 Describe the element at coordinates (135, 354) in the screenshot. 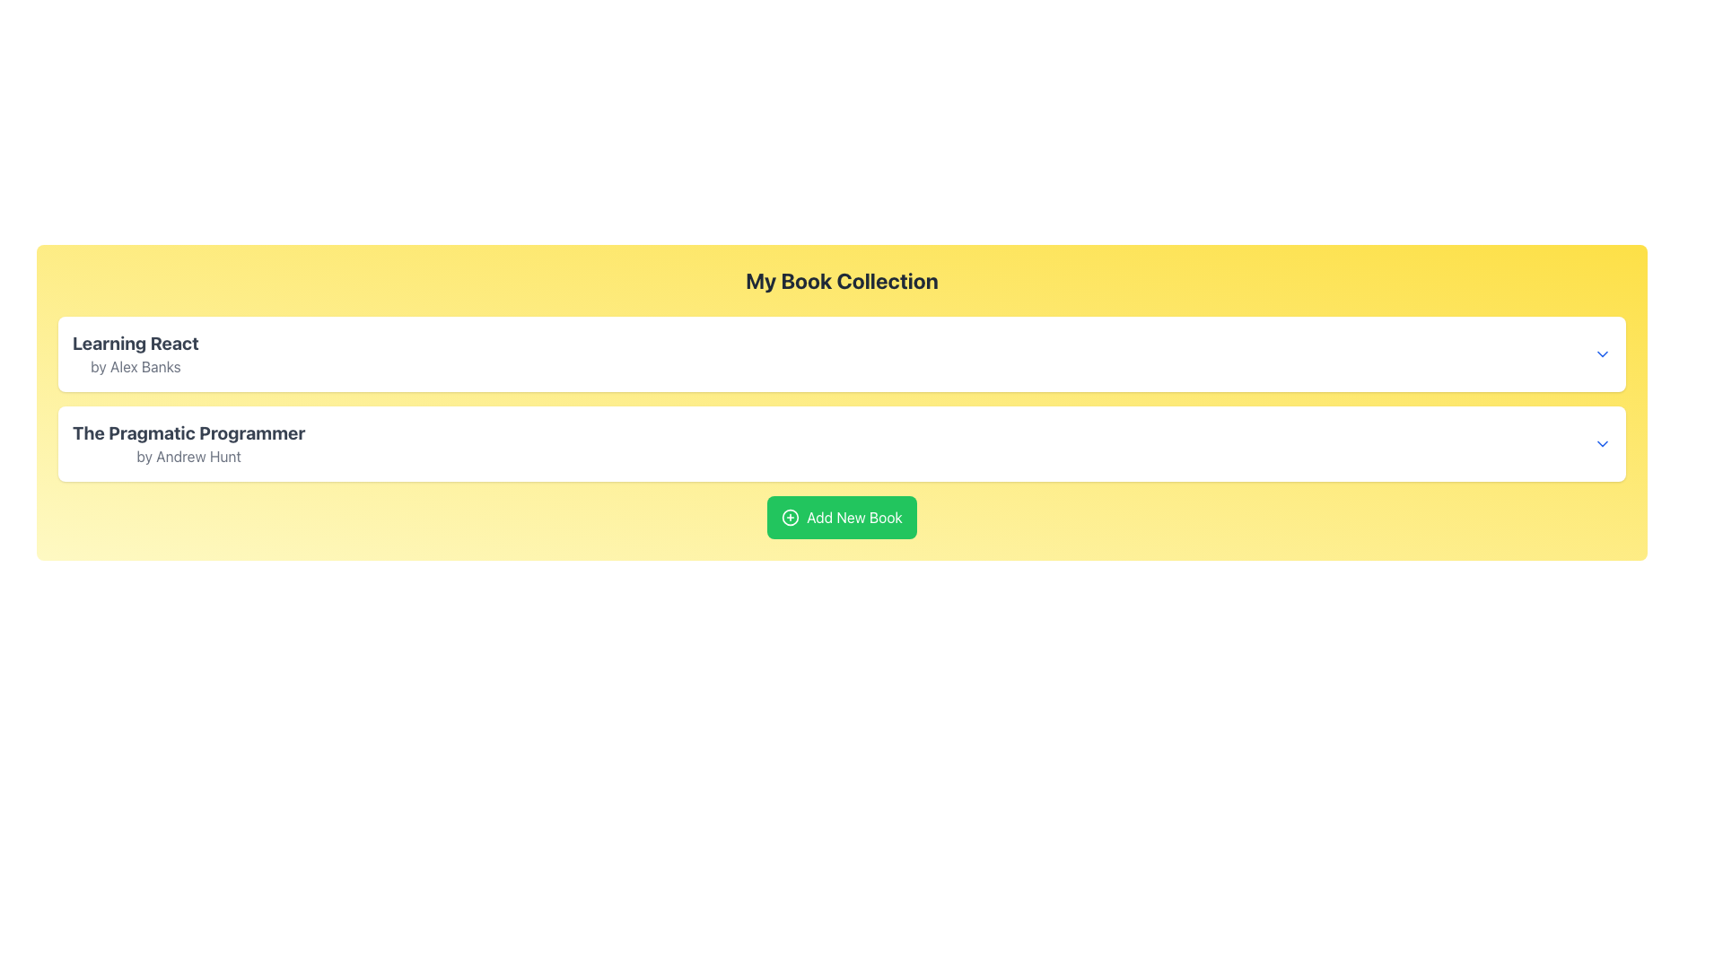

I see `the Text Block displaying the book title 'Learning React' by author 'Alex Banks', located in the upper left part of its containing white box on a yellow background` at that location.